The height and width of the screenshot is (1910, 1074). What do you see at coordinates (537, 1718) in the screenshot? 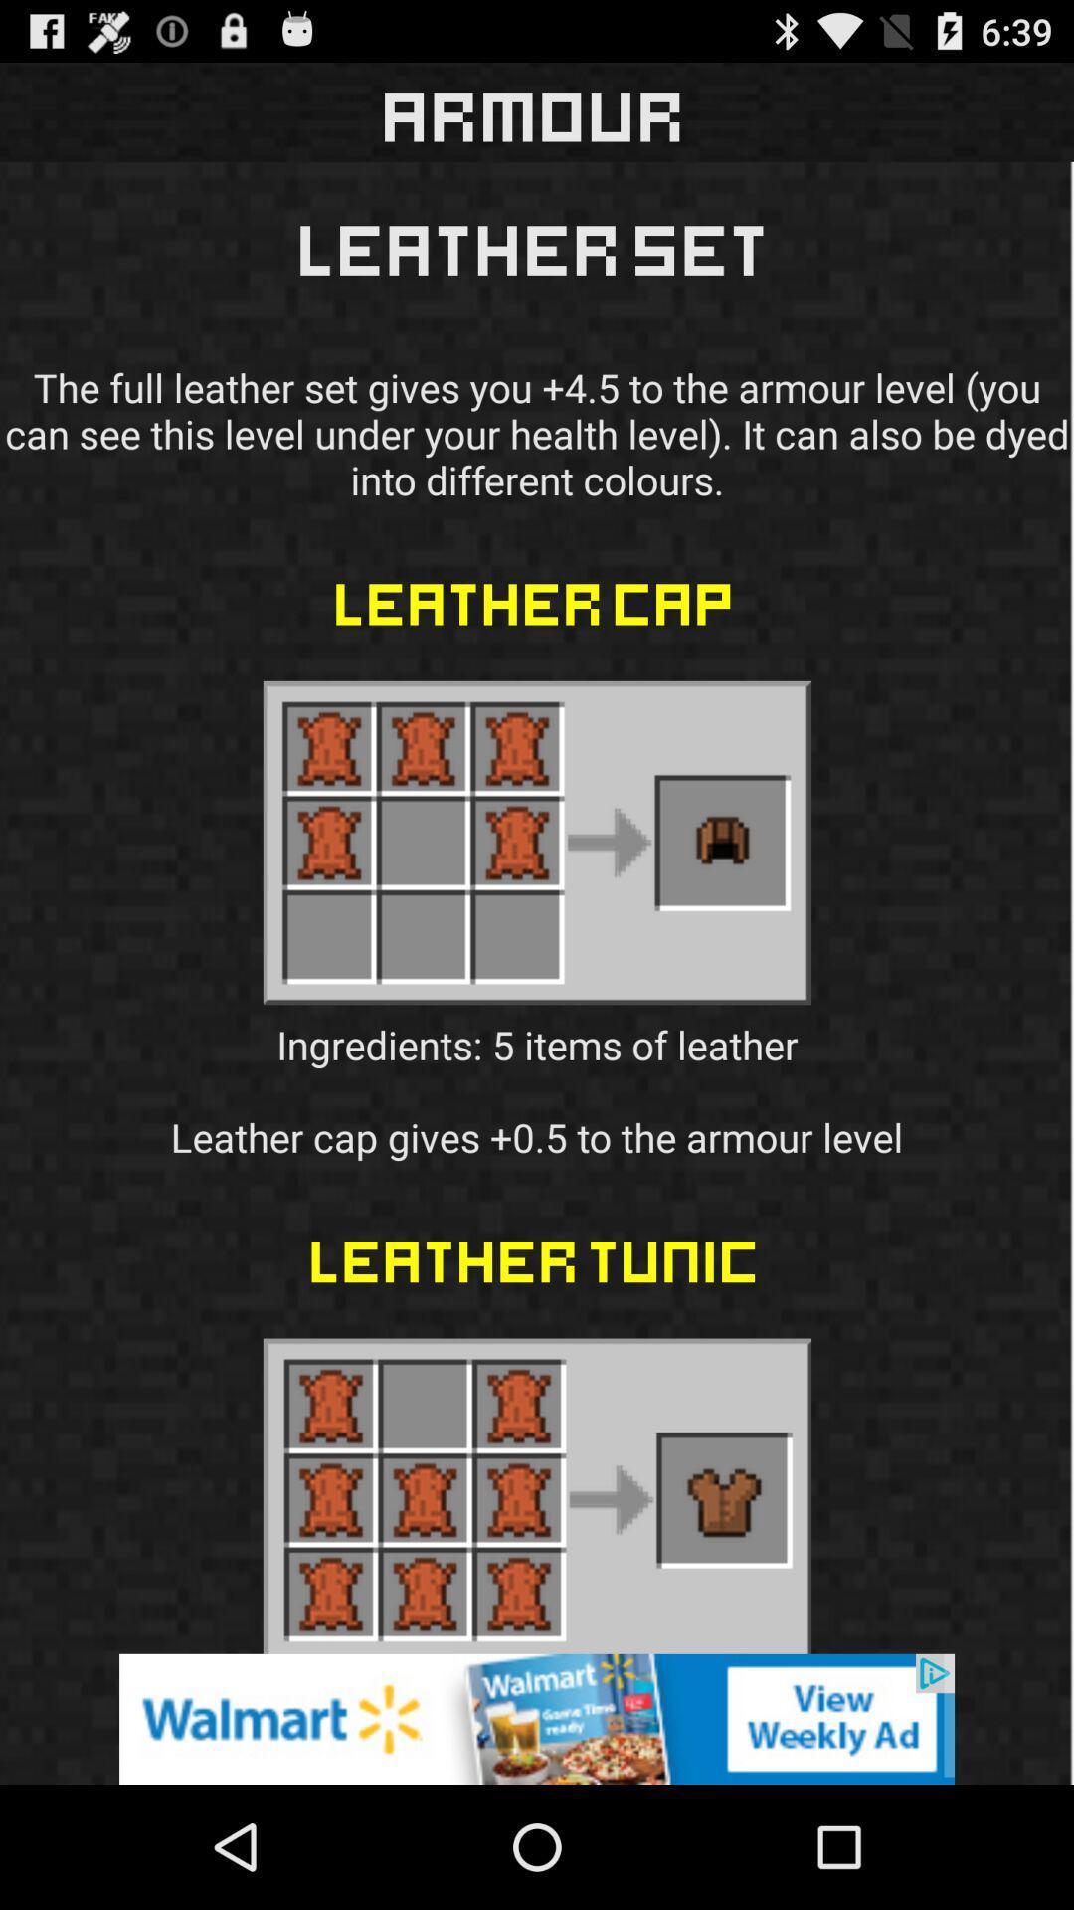
I see `click advertisement` at bounding box center [537, 1718].